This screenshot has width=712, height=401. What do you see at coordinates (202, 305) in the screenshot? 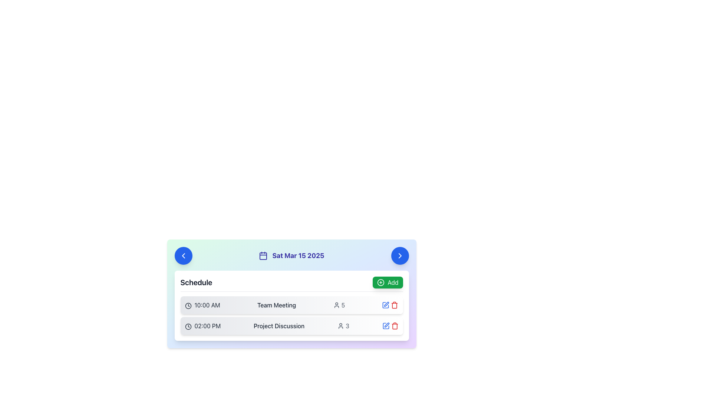
I see `the timestamp text indicating the start time of a scheduled event located at the leftmost part of the event row` at bounding box center [202, 305].